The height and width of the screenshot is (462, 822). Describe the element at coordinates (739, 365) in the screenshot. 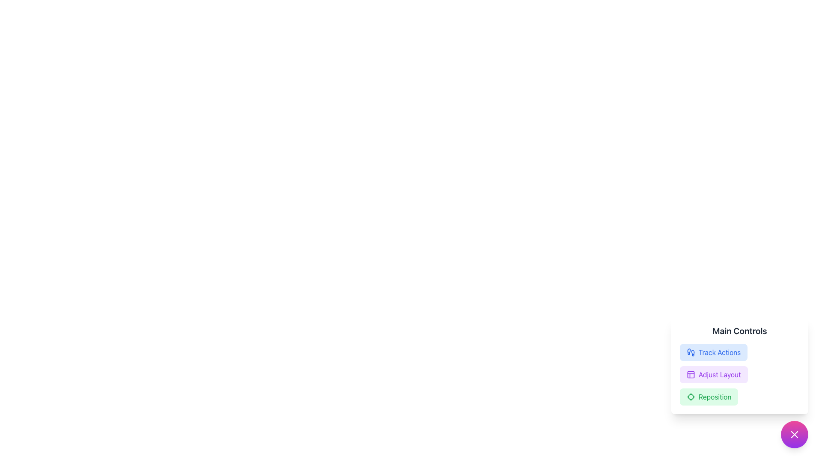

I see `the 'Adjust Layout' button` at that location.